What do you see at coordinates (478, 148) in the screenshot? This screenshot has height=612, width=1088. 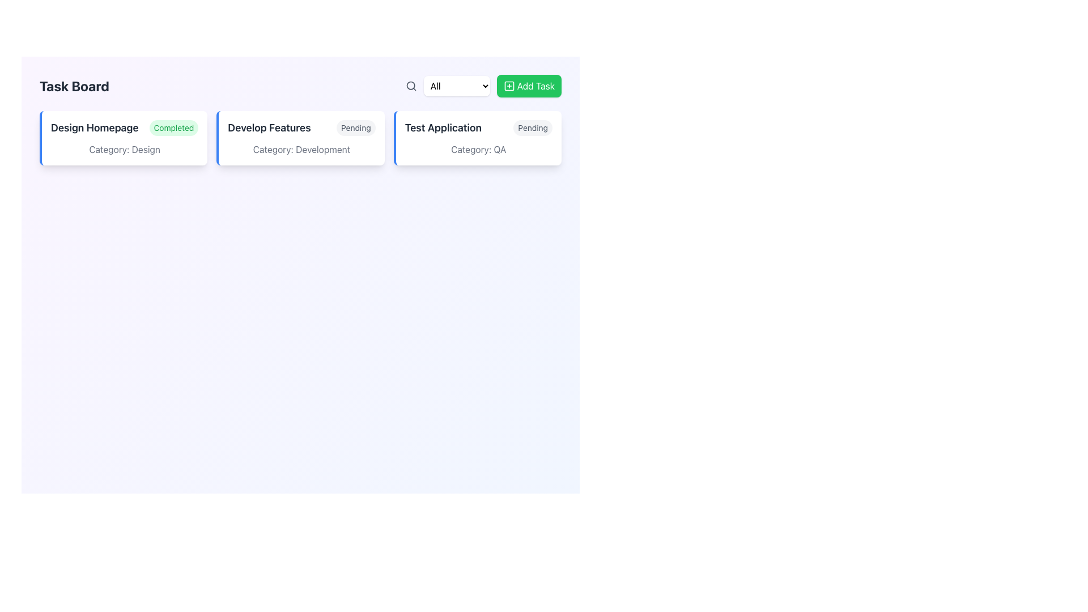 I see `text label that serves as a categorical descriptor for the QA category, located beneath the title 'Test Application' in the rightmost card` at bounding box center [478, 148].